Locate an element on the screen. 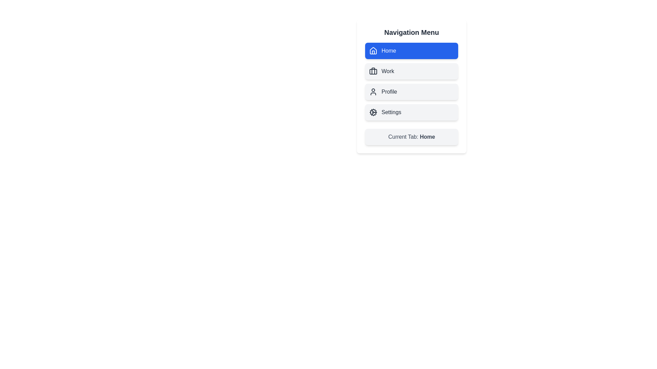  the menu item labeled Work is located at coordinates (411, 71).